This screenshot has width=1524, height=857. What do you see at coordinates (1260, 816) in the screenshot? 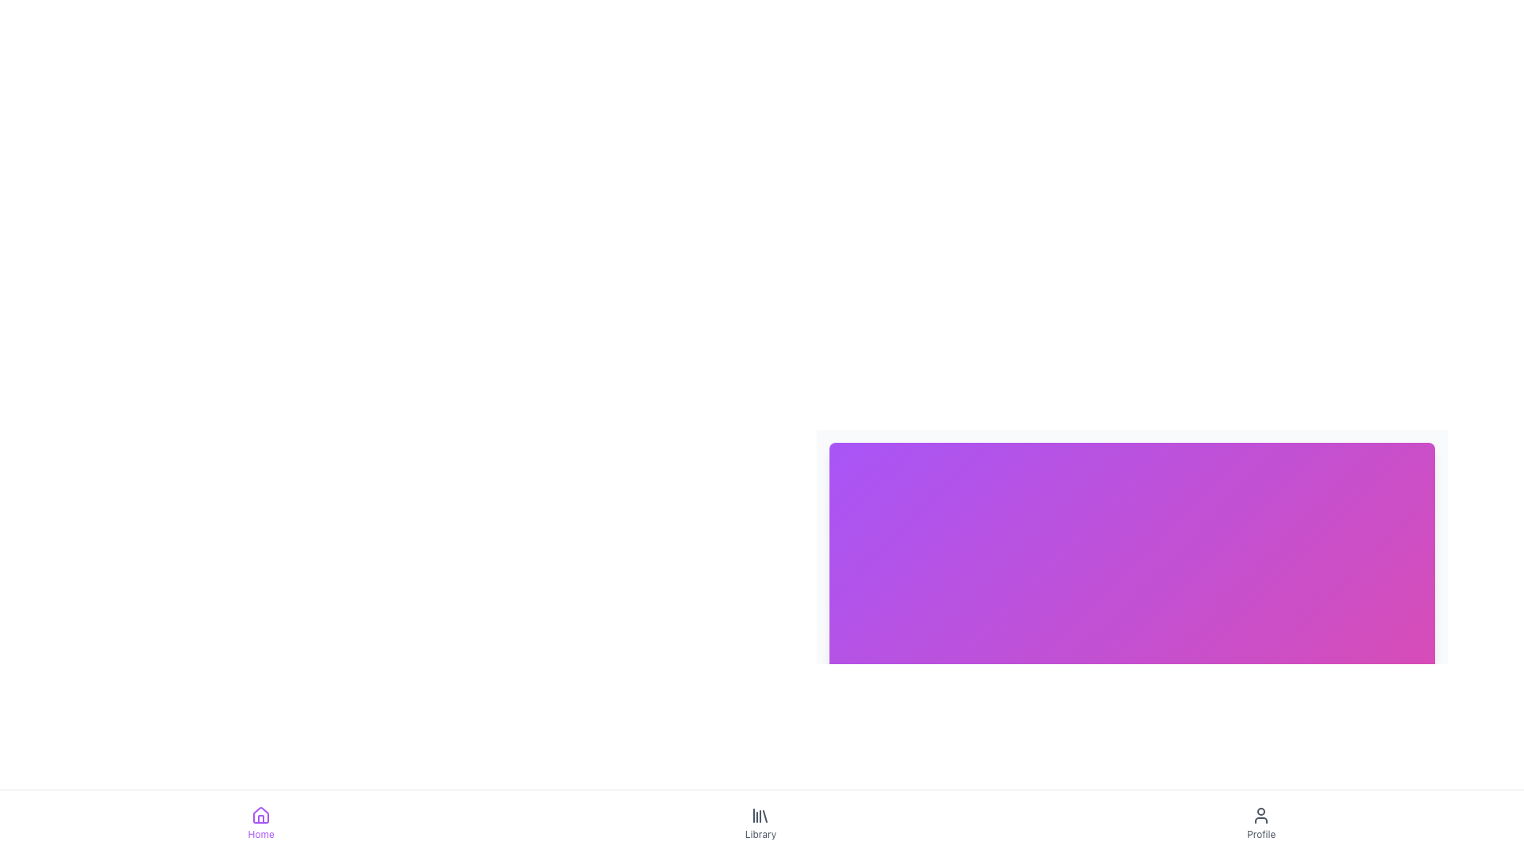
I see `the user profile icon, which has a circular head and torso-like structure, located in the bottom navigation bar above the 'Profile' text` at bounding box center [1260, 816].